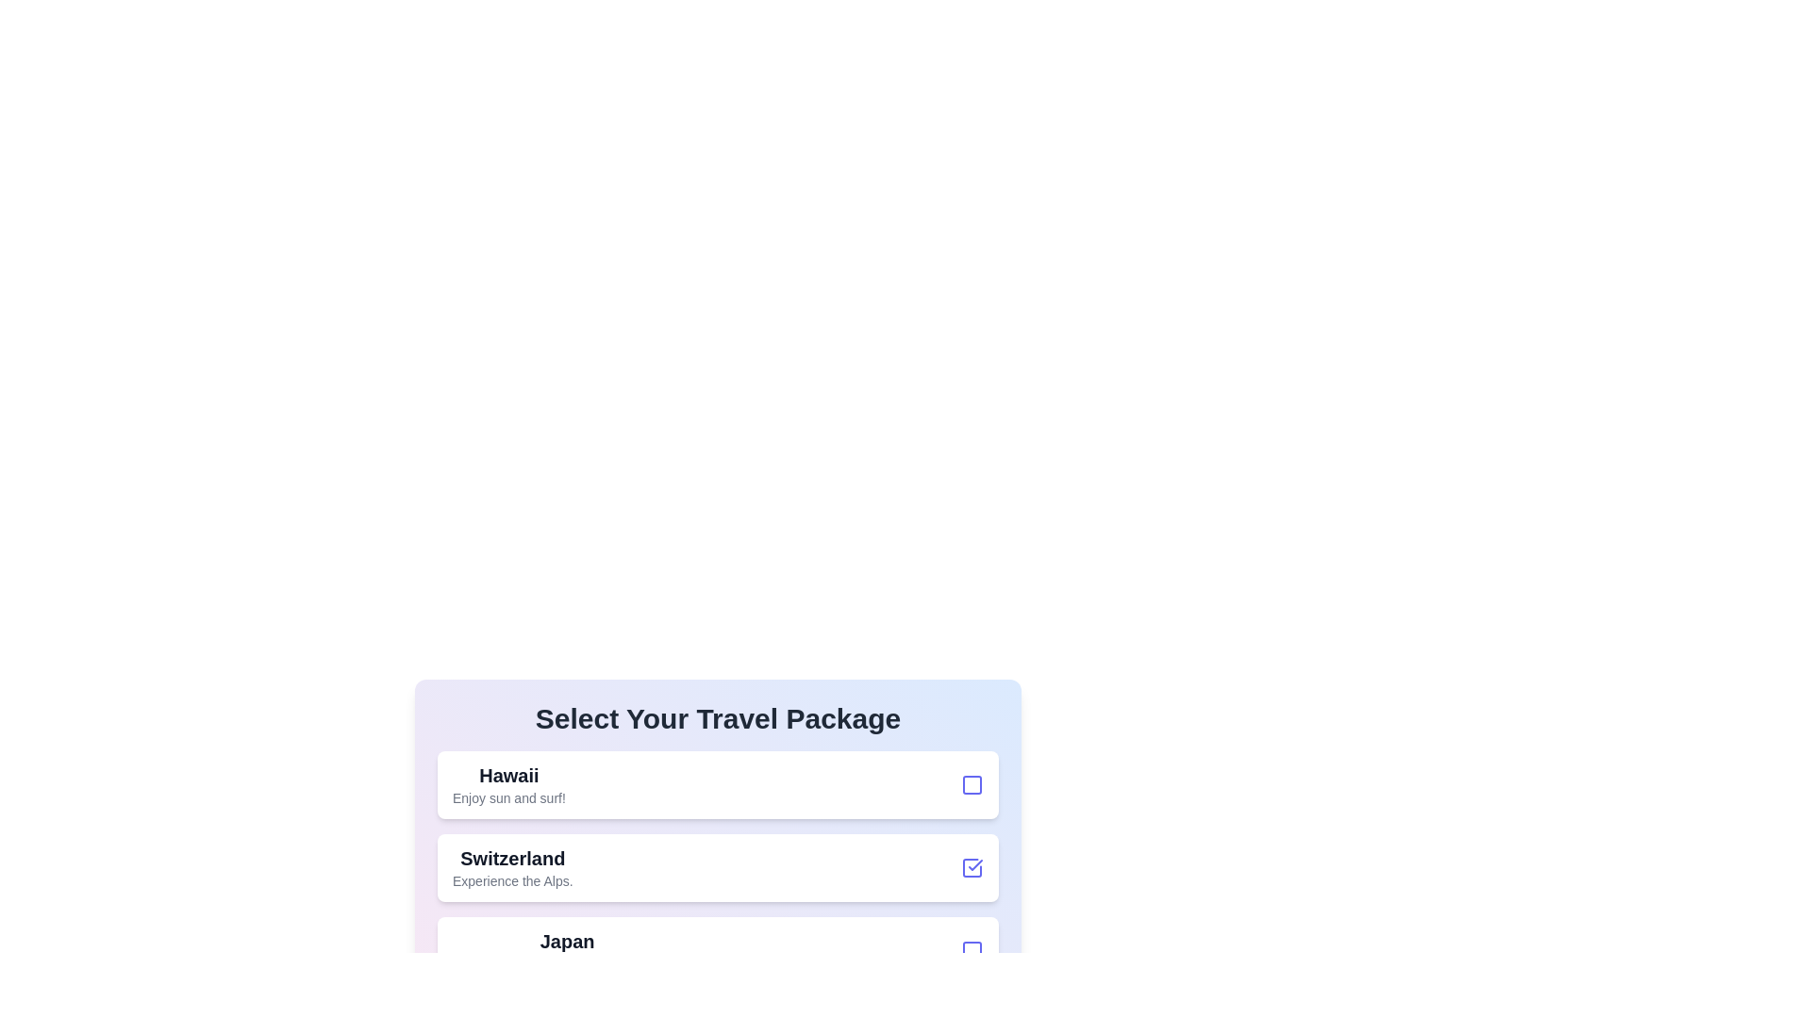 This screenshot has width=1811, height=1018. What do you see at coordinates (972, 868) in the screenshot?
I see `the checkbox for the travel package 'Switzerland' to select or deselect it` at bounding box center [972, 868].